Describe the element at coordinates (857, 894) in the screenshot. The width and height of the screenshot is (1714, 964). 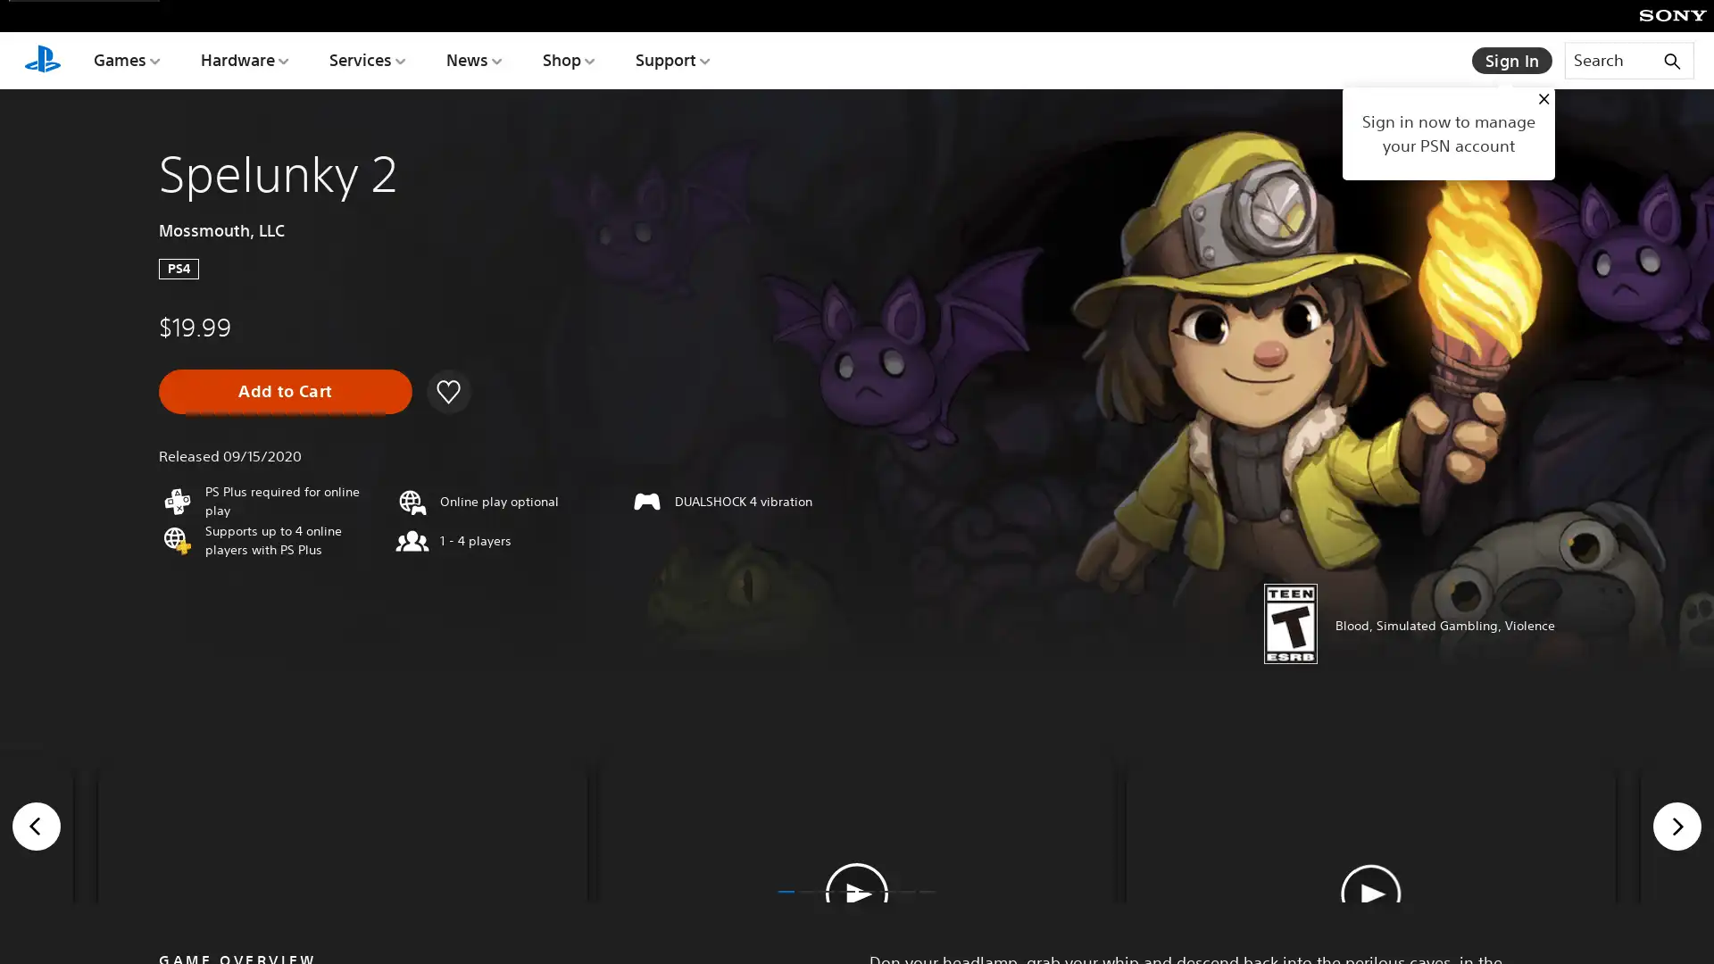
I see `Pause Media2` at that location.